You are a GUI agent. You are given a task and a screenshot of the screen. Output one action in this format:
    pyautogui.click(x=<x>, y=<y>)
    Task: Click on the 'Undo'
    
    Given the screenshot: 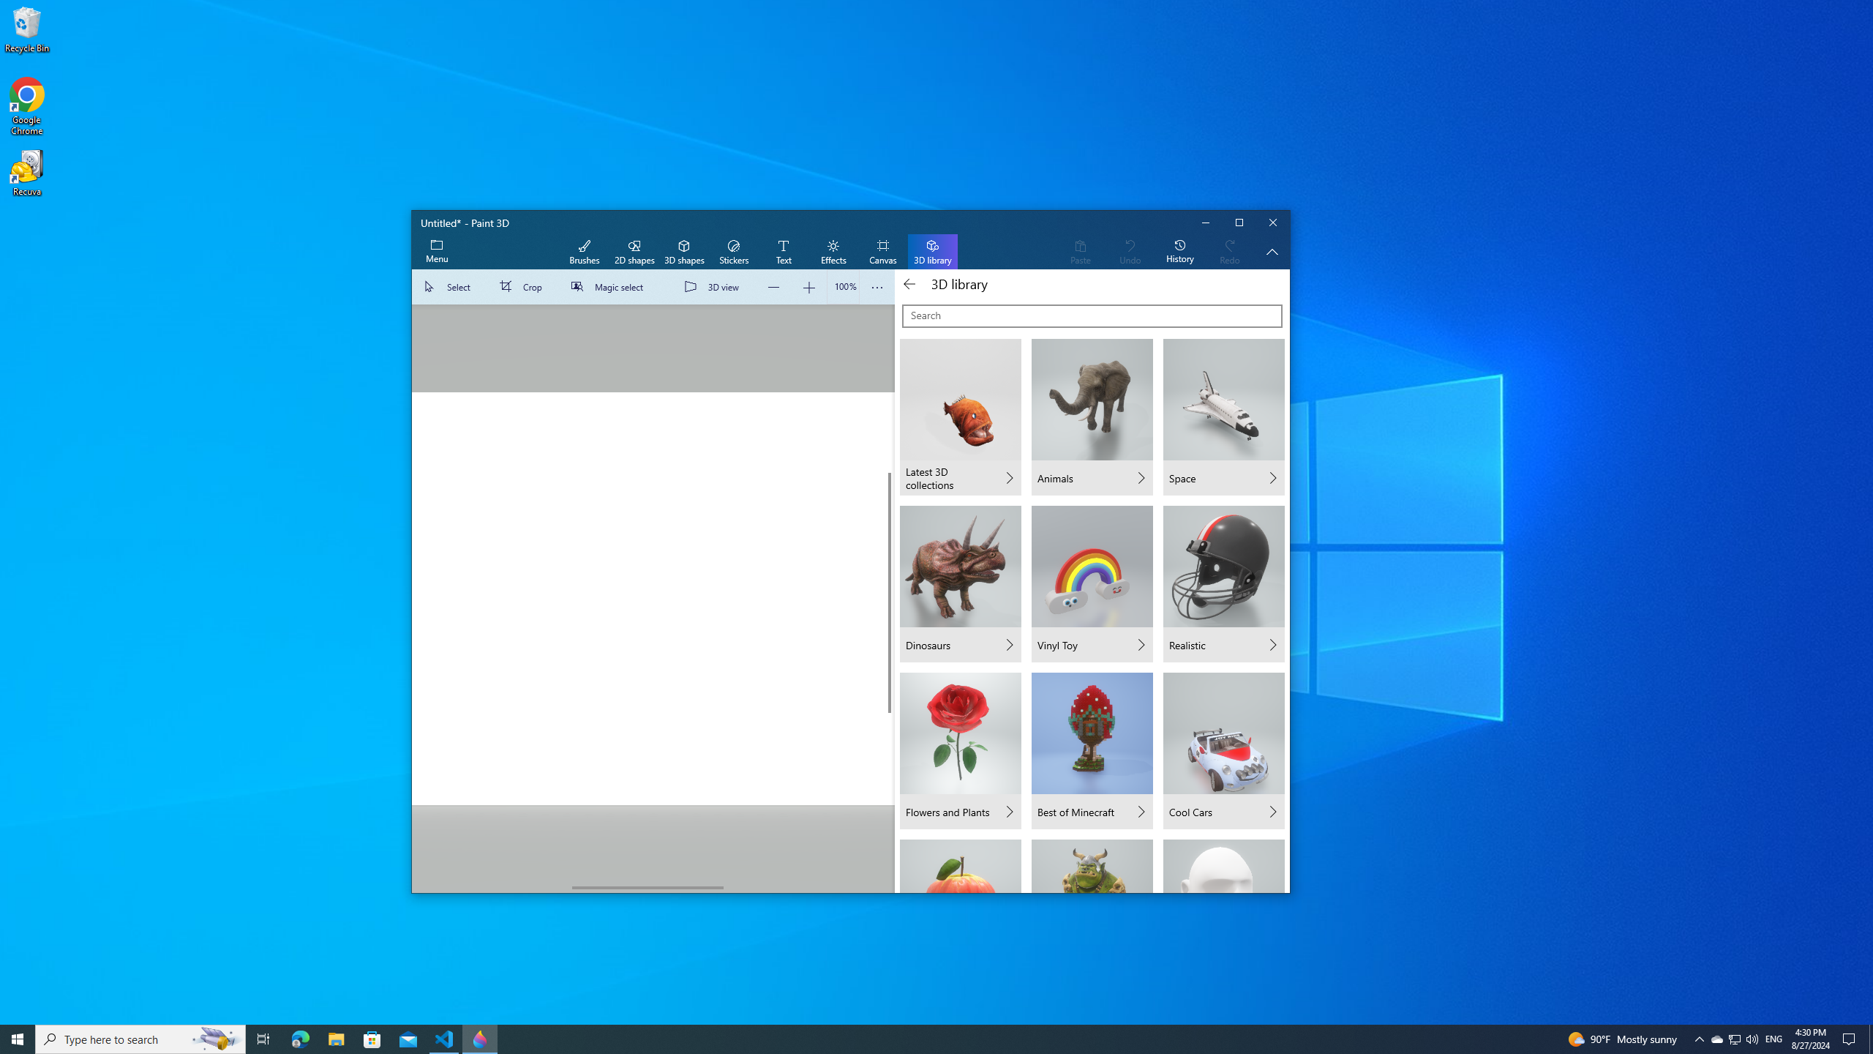 What is the action you would take?
    pyautogui.click(x=1130, y=252)
    